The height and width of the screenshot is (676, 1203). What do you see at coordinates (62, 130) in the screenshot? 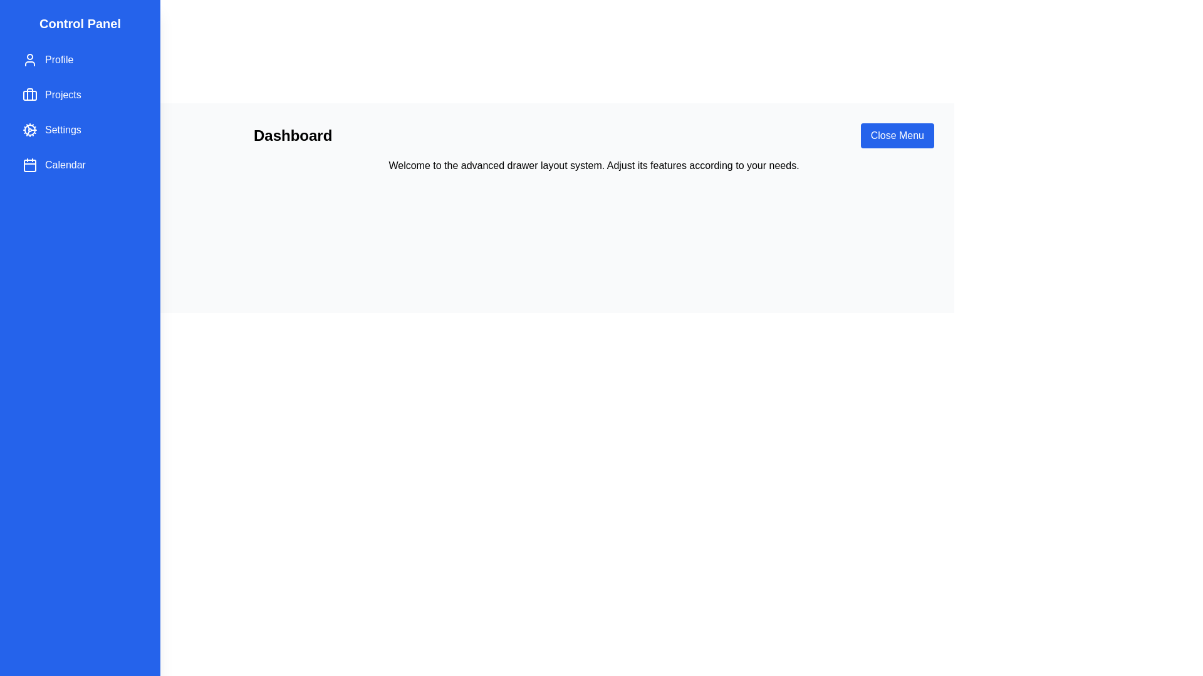
I see `the 'Settings' menu option located in the left vertical navigation bar, which is positioned beneath the 'Projects' menu item and above the 'Calendar' menu item` at bounding box center [62, 130].